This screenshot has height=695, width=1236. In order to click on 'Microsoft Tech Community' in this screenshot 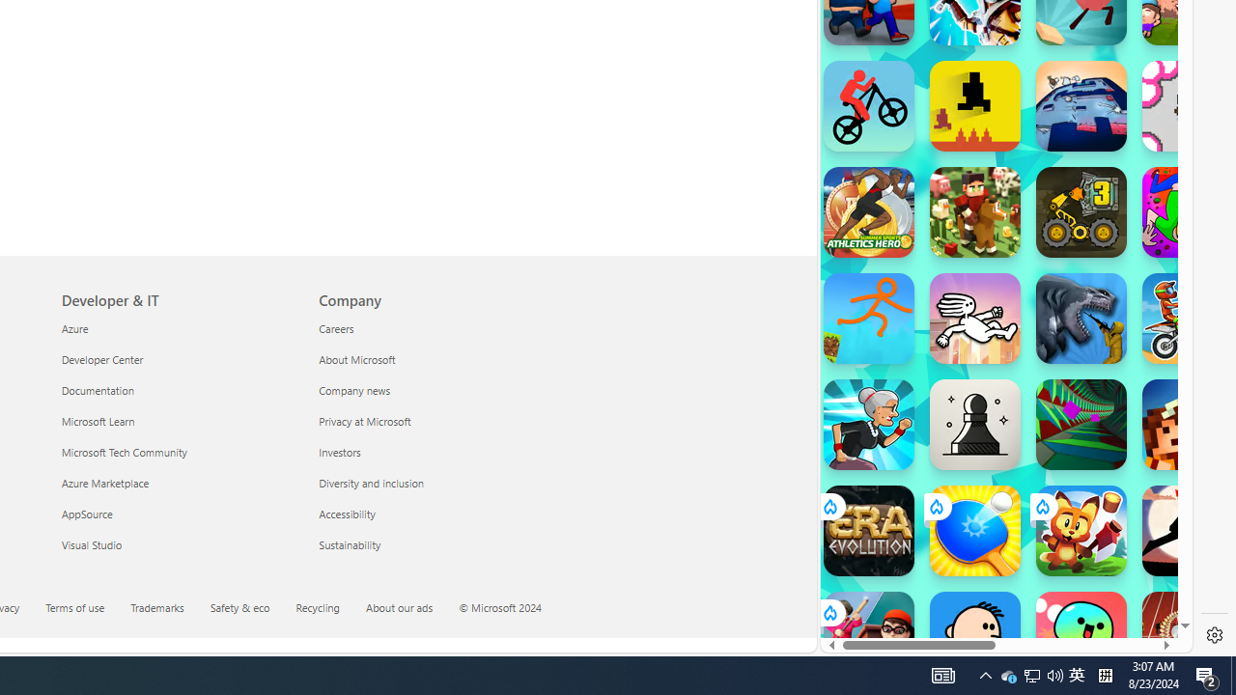, I will do `click(178, 452)`.